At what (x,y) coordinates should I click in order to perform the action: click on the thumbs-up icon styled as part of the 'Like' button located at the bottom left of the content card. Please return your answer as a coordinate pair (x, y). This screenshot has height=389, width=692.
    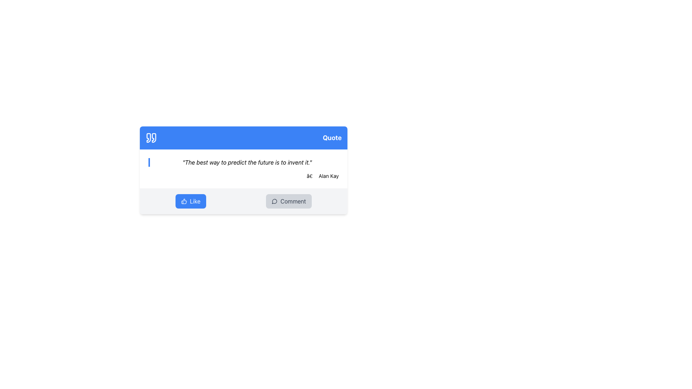
    Looking at the image, I should click on (184, 201).